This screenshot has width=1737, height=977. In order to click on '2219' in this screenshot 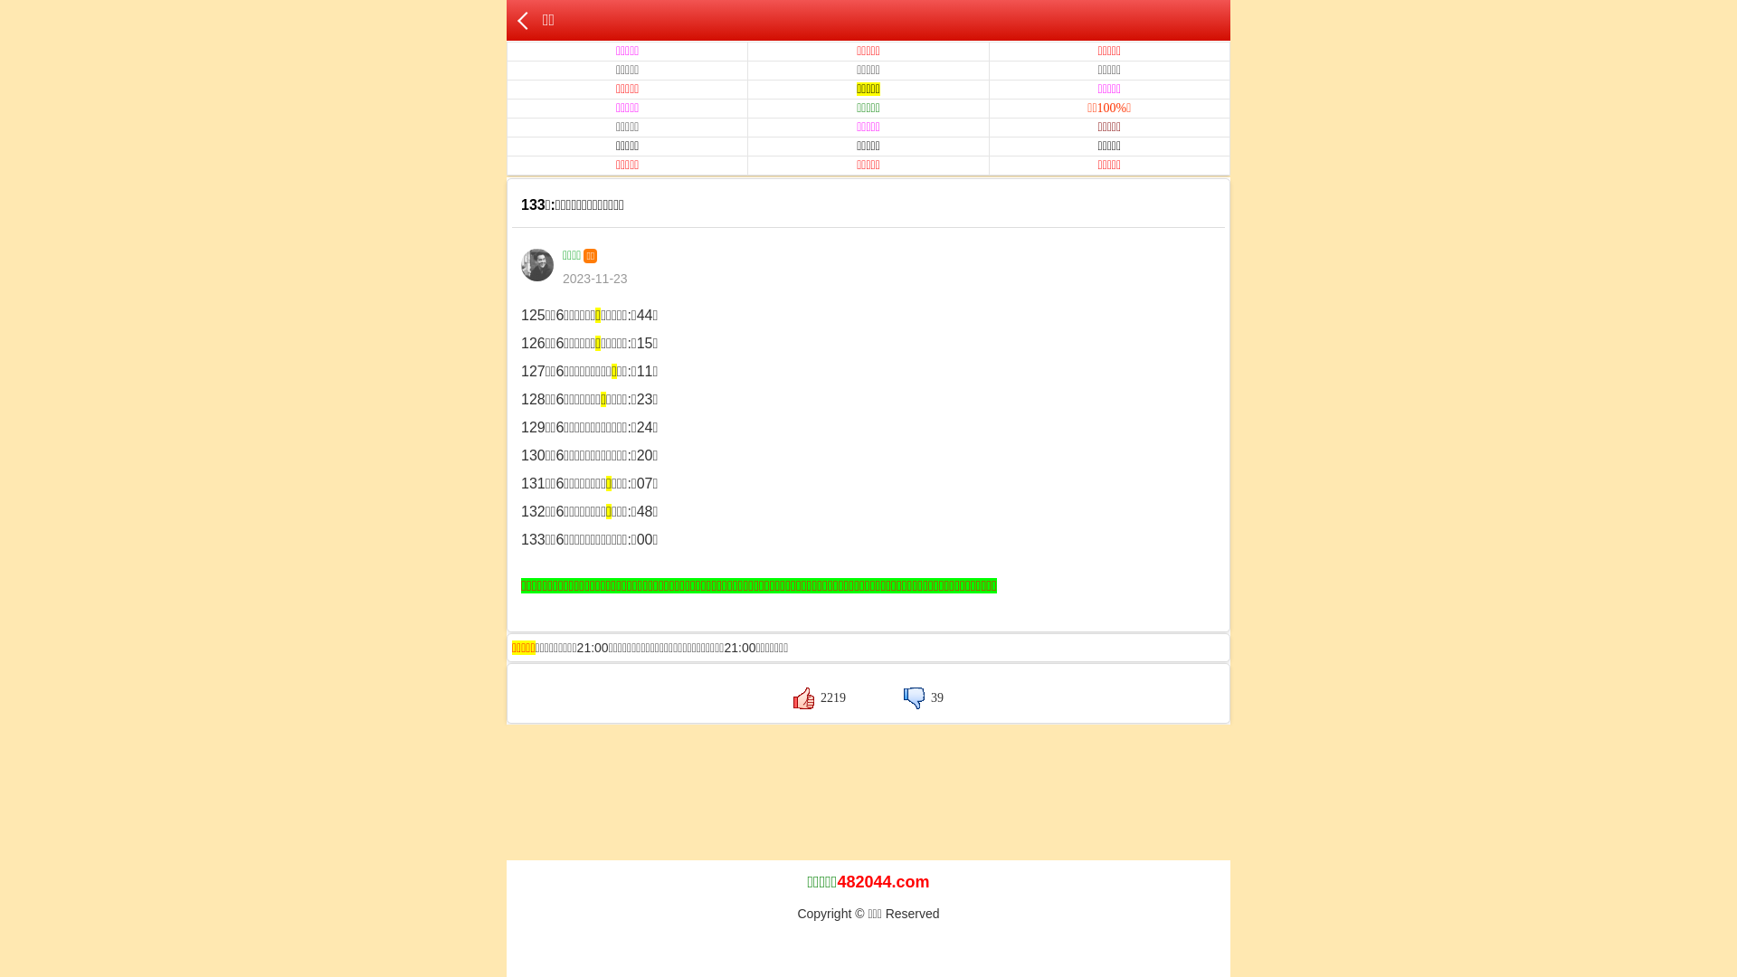, I will do `click(819, 697)`.